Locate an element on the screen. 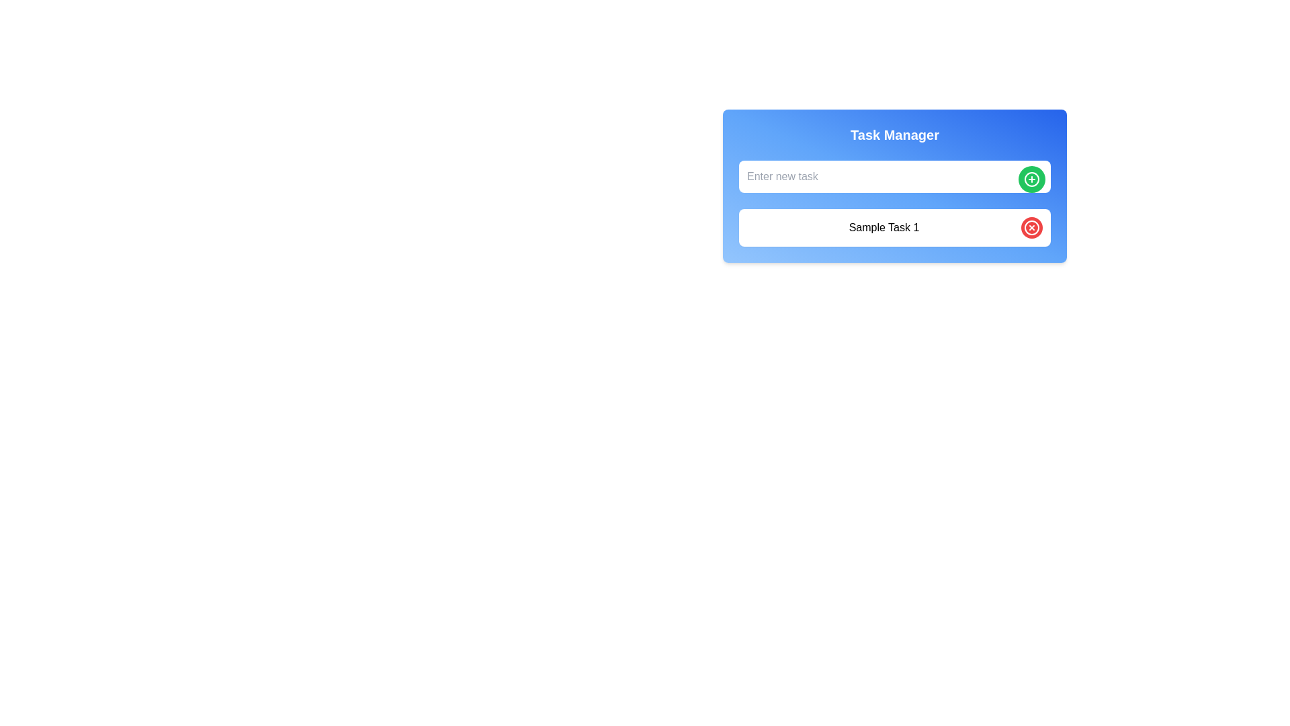 Image resolution: width=1290 pixels, height=726 pixels. the task item labeled 'Sample Task 1' in the task manager is located at coordinates (884, 227).